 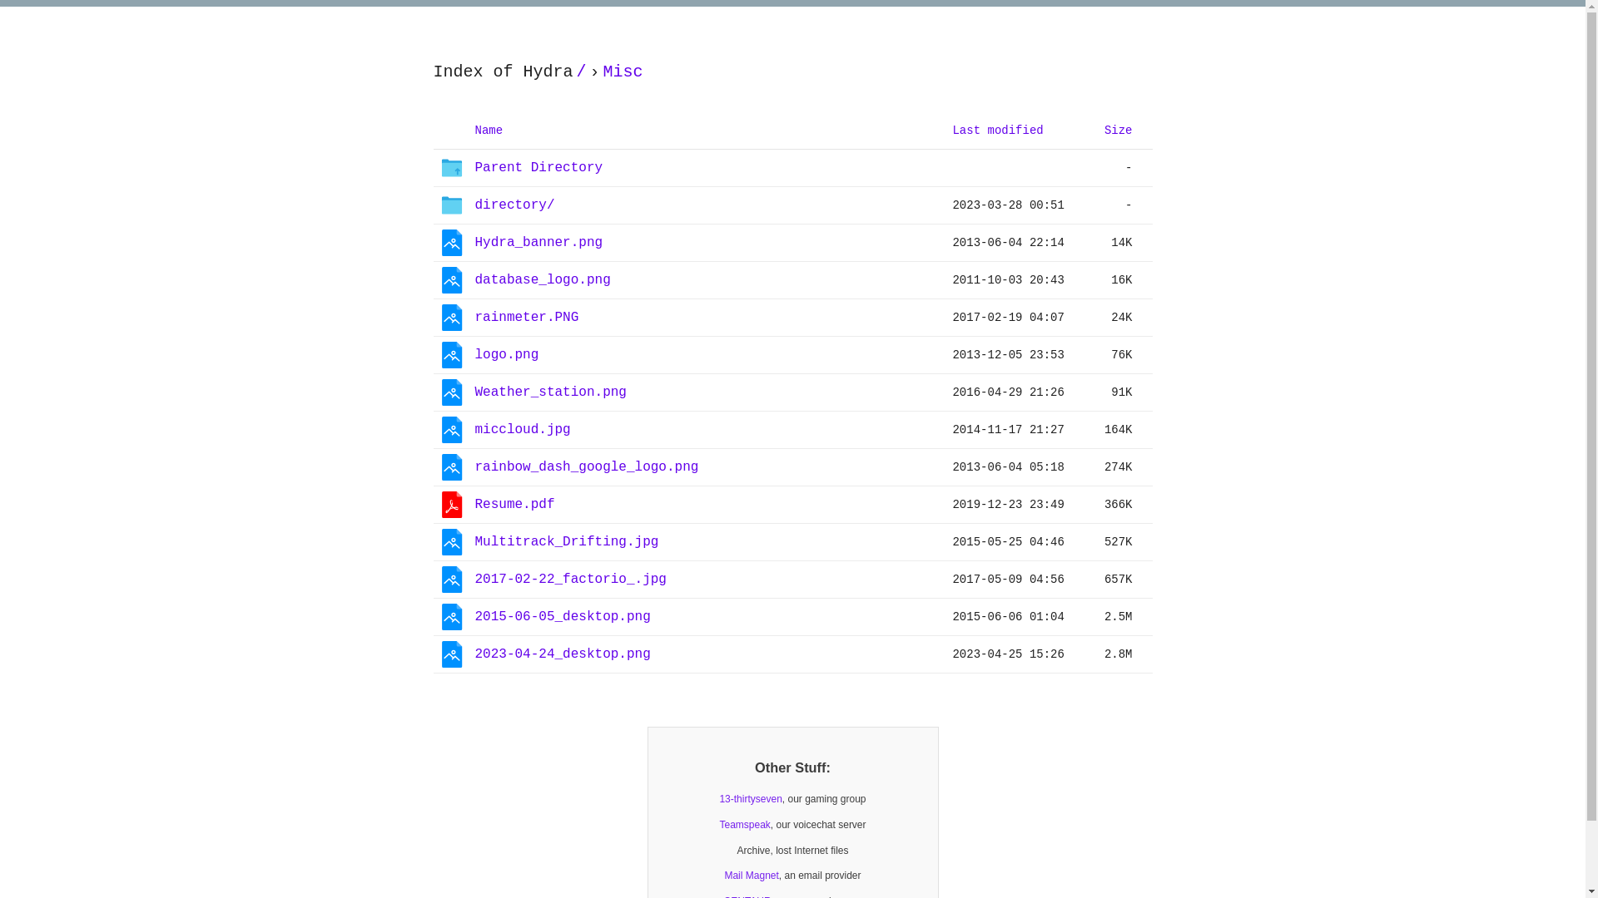 I want to click on 'miccloud.jpg', so click(x=521, y=429).